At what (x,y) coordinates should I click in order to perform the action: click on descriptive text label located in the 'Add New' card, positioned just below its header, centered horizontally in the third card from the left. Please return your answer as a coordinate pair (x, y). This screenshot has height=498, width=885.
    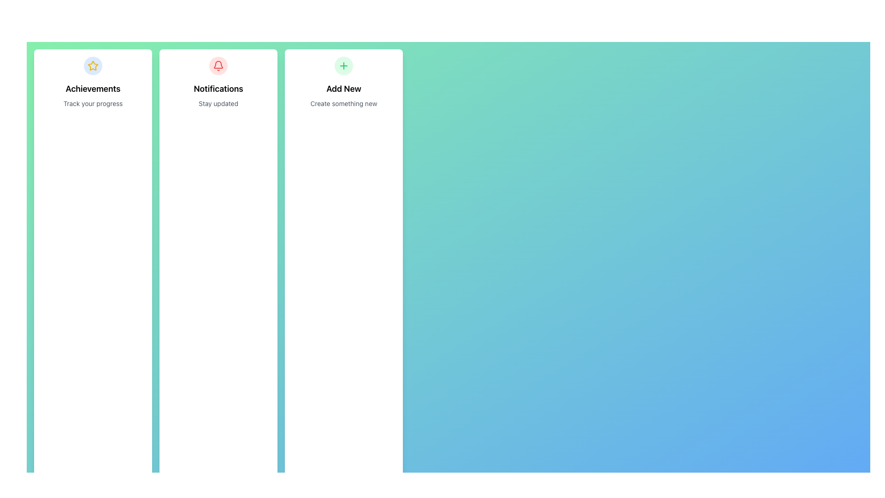
    Looking at the image, I should click on (343, 103).